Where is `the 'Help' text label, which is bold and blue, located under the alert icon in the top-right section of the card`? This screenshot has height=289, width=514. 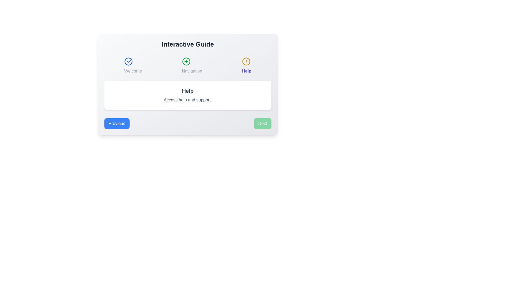
the 'Help' text label, which is bold and blue, located under the alert icon in the top-right section of the card is located at coordinates (246, 71).